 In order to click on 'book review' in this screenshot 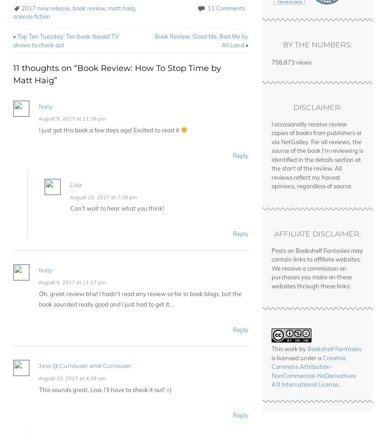, I will do `click(89, 8)`.